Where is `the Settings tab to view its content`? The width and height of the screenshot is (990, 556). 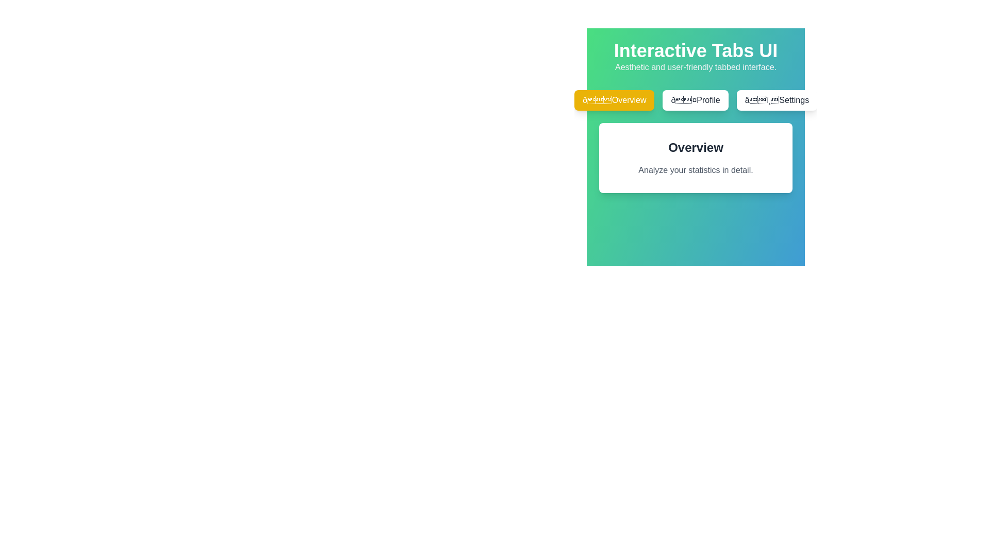 the Settings tab to view its content is located at coordinates (777, 100).